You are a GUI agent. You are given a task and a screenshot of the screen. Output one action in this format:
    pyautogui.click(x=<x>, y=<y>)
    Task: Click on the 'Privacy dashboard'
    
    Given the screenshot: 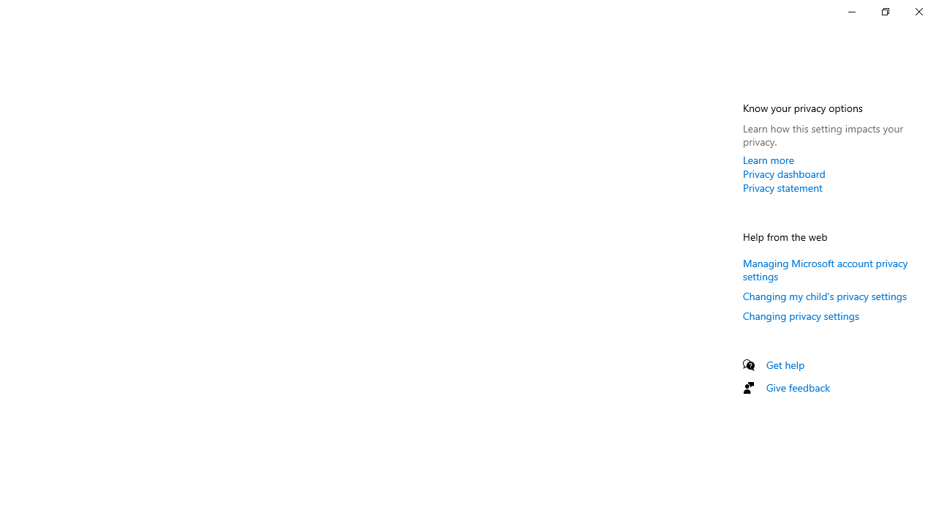 What is the action you would take?
    pyautogui.click(x=783, y=173)
    